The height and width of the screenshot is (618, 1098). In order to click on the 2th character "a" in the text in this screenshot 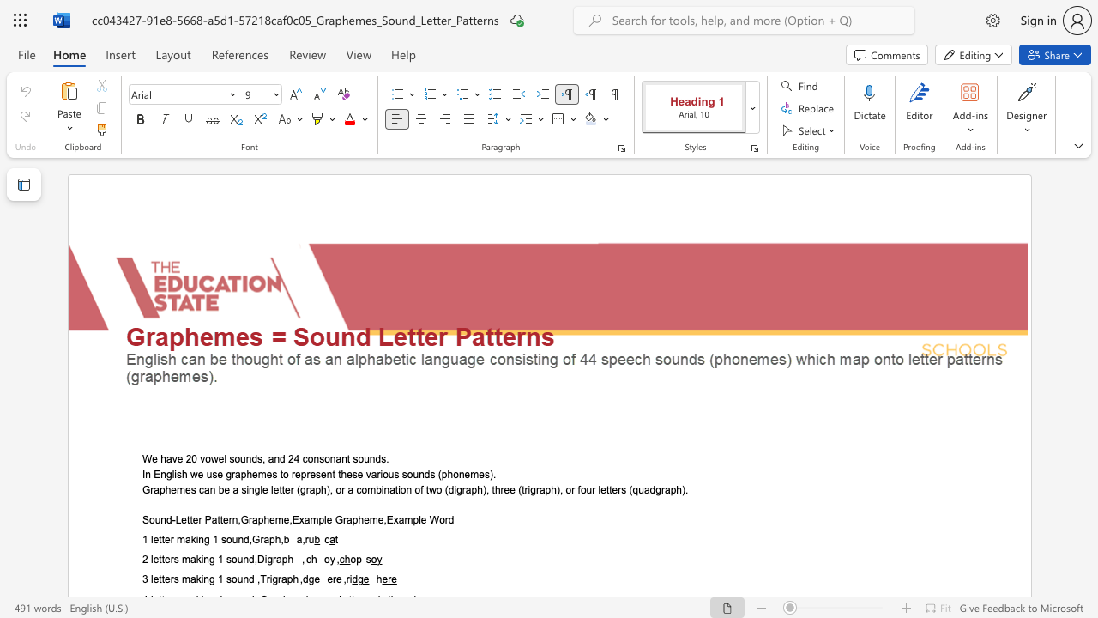, I will do `click(265, 539)`.